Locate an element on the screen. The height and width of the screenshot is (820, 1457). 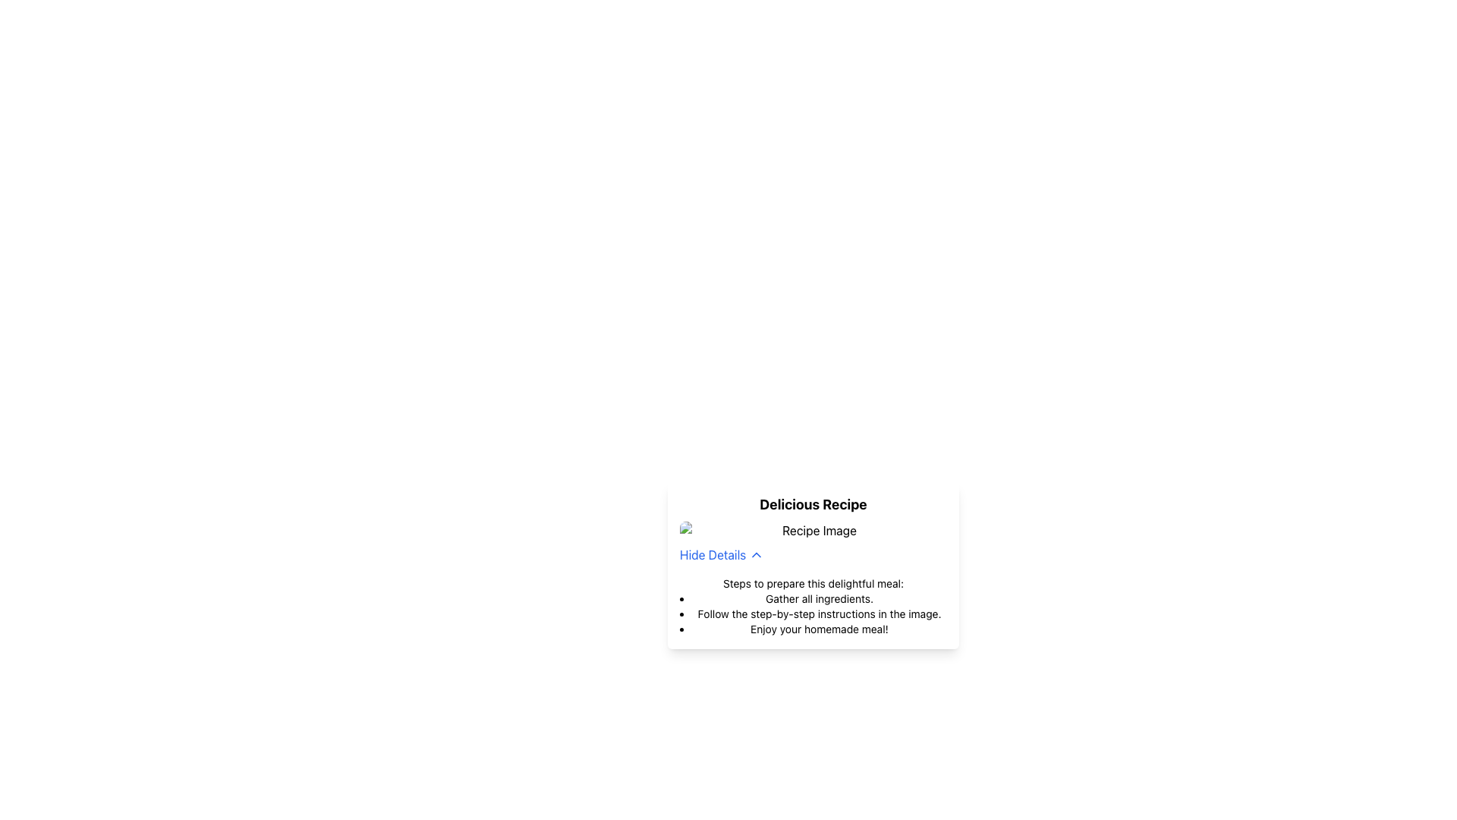
instructions from the bulleted list containing the items: 'Gather all ingredients.', 'Follow the step-by-step instructions in the image.', and 'Enjoy your homemade meal!' is located at coordinates (812, 613).